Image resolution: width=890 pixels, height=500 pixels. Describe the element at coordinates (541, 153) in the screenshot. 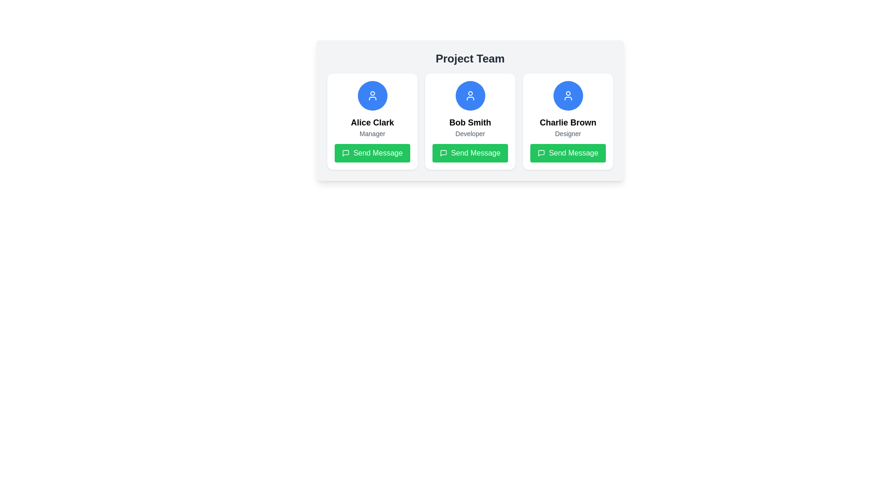

I see `the messaging icon located to the left of the green 'Send Message' button for the third person, 'Charlie Brown'` at that location.